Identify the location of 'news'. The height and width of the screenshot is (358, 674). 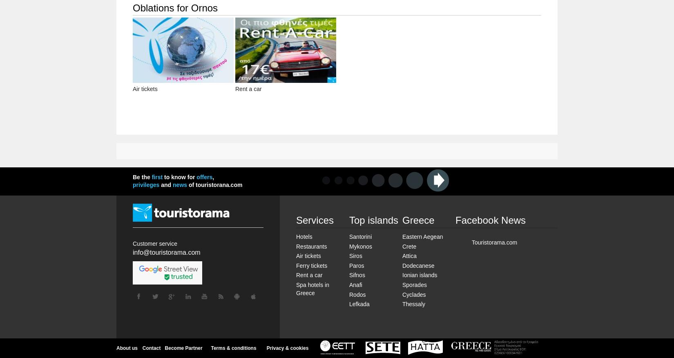
(179, 185).